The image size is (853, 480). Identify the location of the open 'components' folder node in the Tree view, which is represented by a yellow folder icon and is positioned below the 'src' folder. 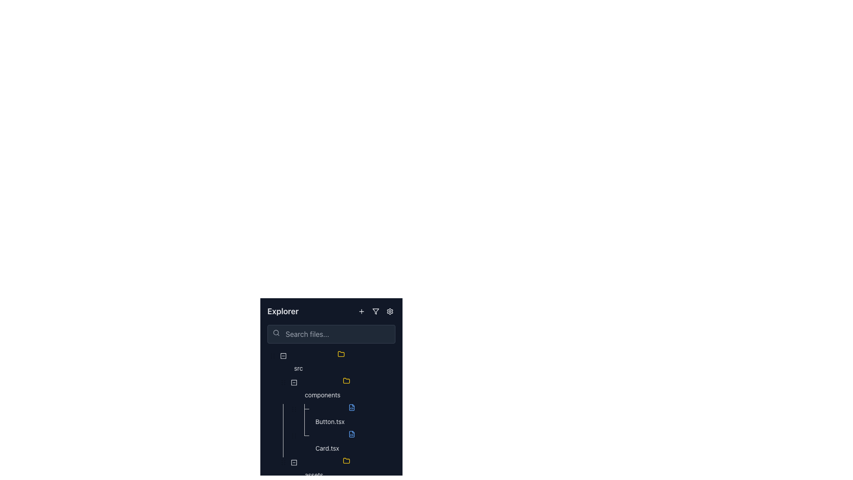
(331, 389).